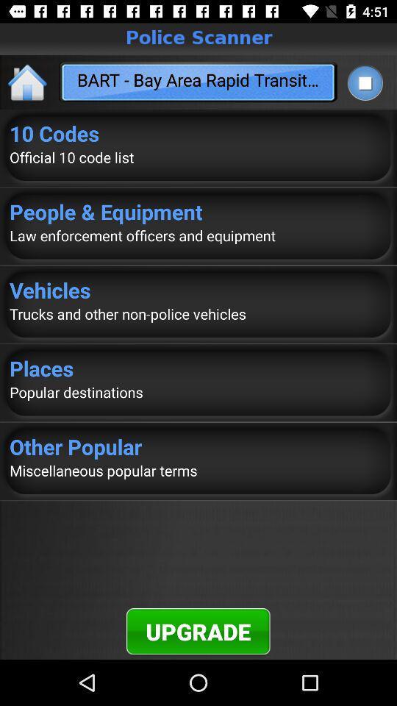 The height and width of the screenshot is (706, 397). Describe the element at coordinates (364, 82) in the screenshot. I see `item next to bart bay area app` at that location.